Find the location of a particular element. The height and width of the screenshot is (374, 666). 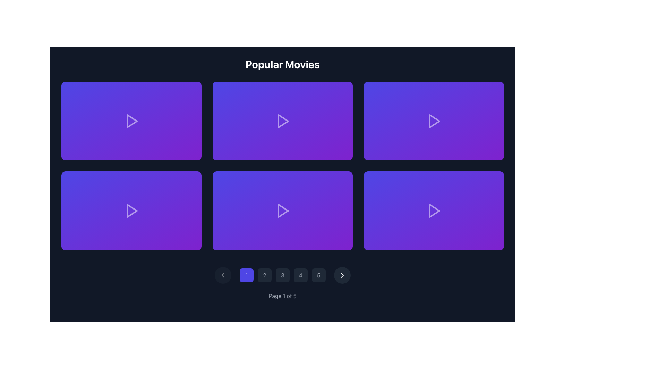

the visual media tile with a play button icon located in the second row and first column of the grid layout is located at coordinates (131, 210).